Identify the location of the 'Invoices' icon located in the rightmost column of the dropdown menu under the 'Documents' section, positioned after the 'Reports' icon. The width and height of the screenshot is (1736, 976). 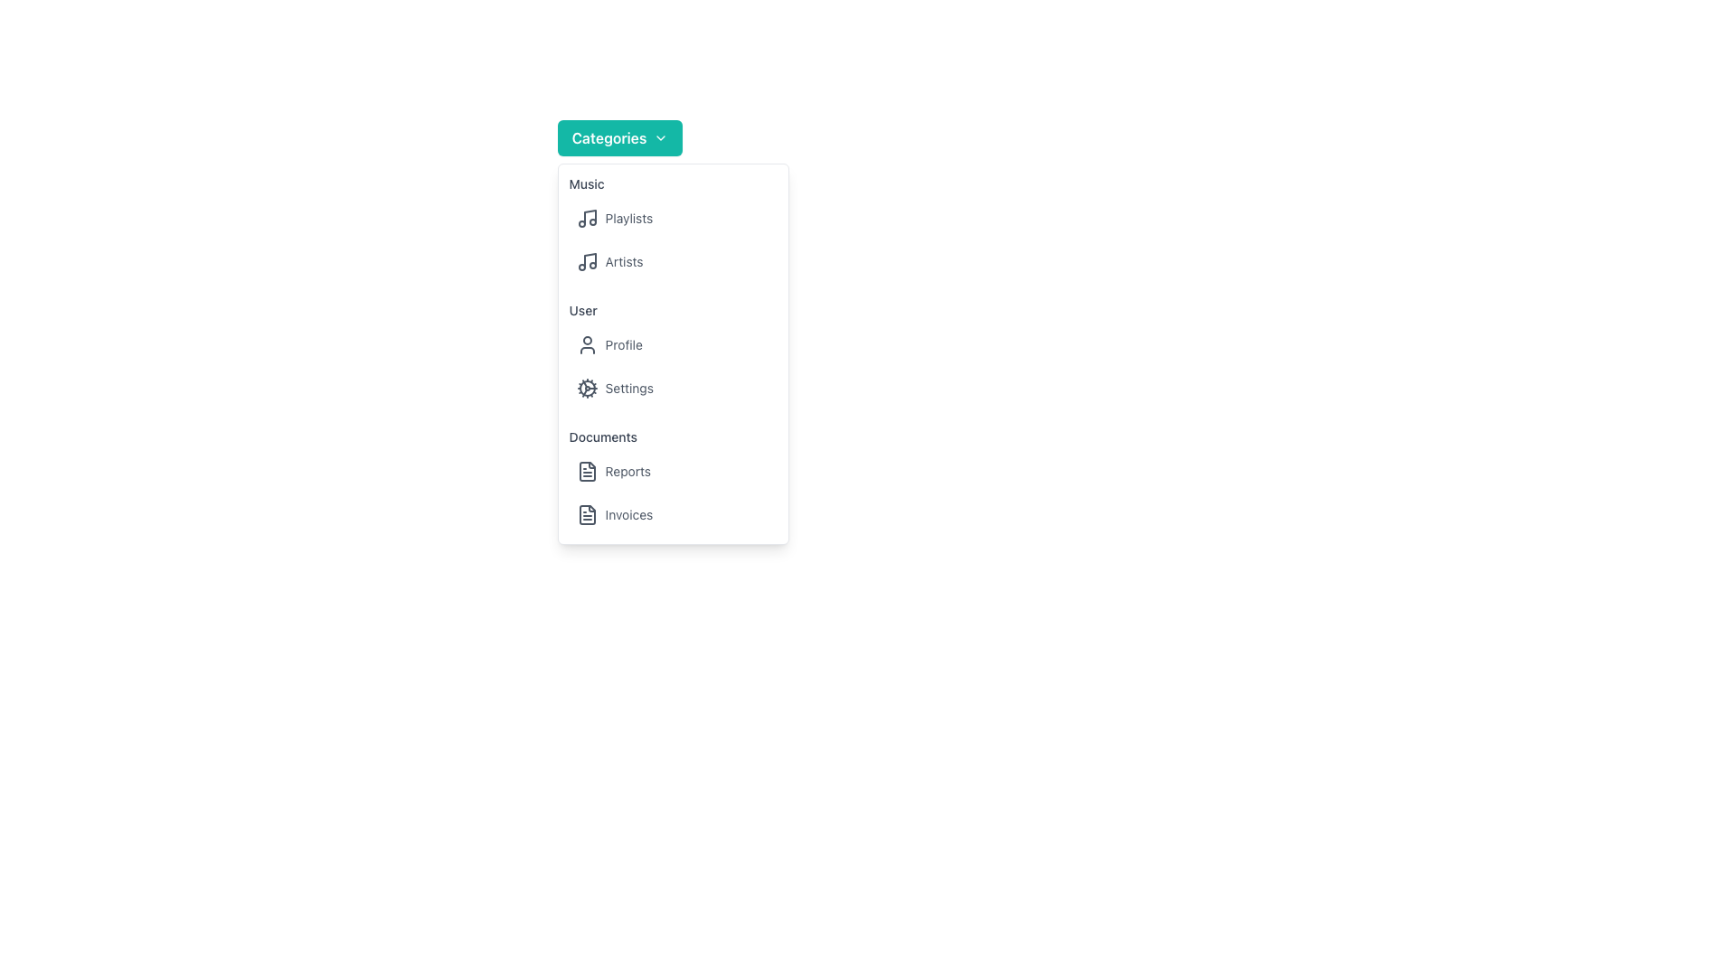
(587, 470).